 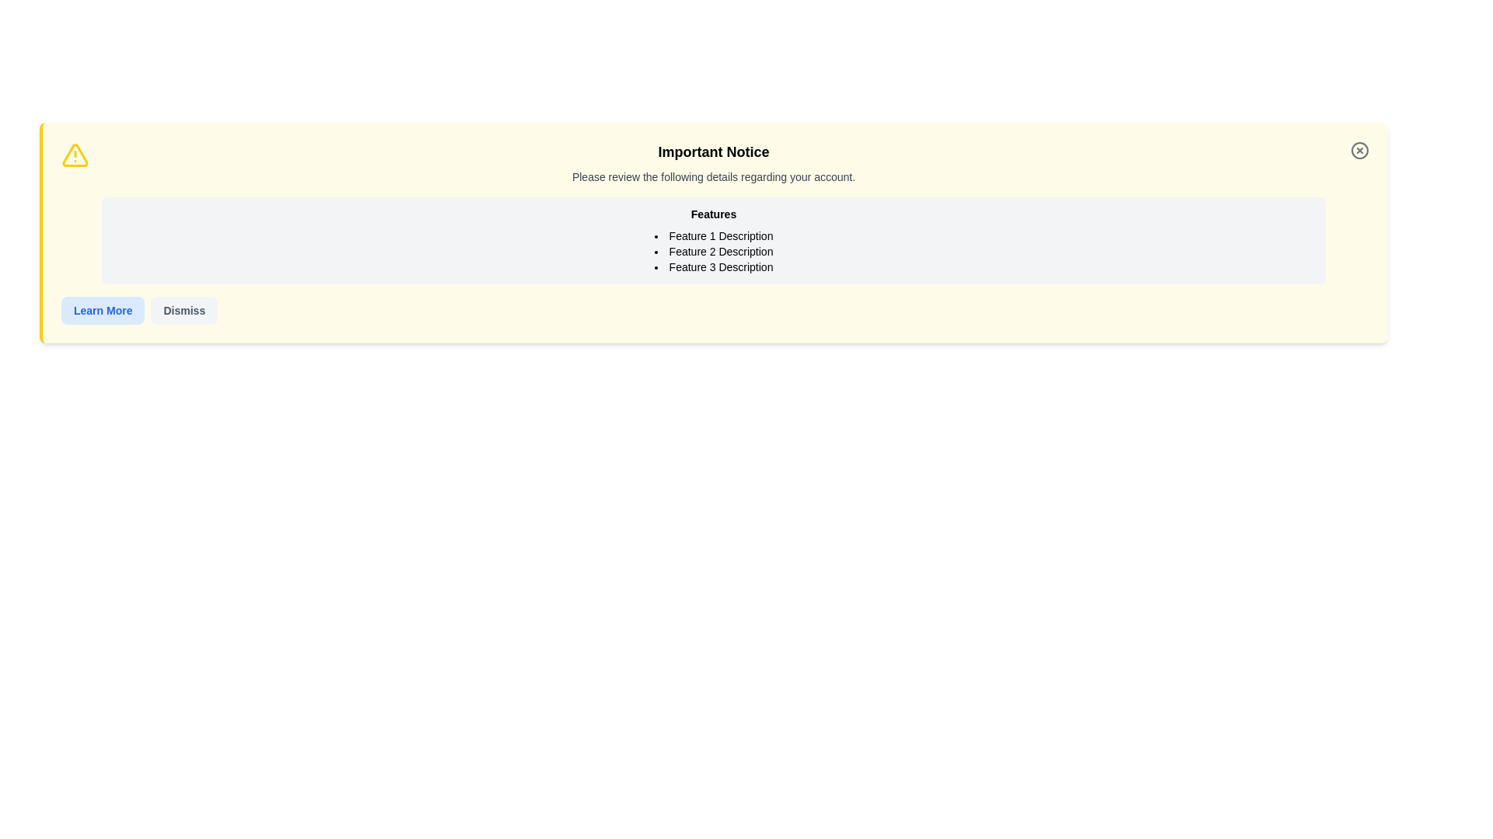 What do you see at coordinates (712, 251) in the screenshot?
I see `the text entry labeled 'Feature 2 Description', which is the second item in a bulleted list under the heading 'Features'` at bounding box center [712, 251].